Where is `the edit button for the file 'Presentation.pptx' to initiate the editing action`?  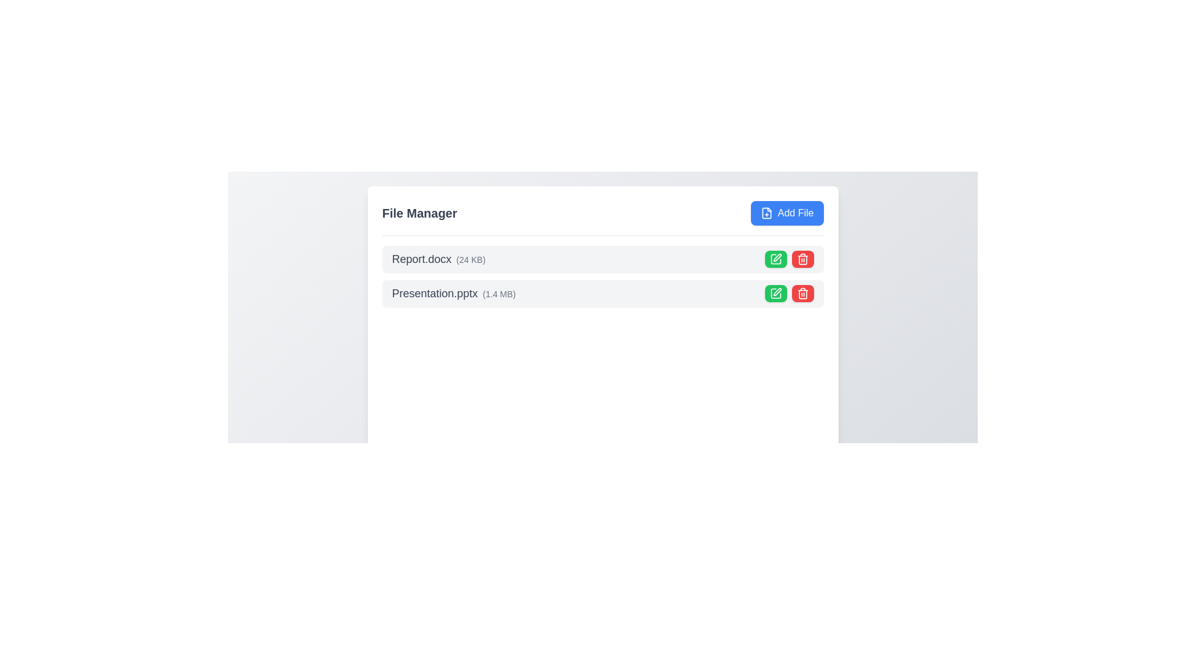
the edit button for the file 'Presentation.pptx' to initiate the editing action is located at coordinates (776, 257).